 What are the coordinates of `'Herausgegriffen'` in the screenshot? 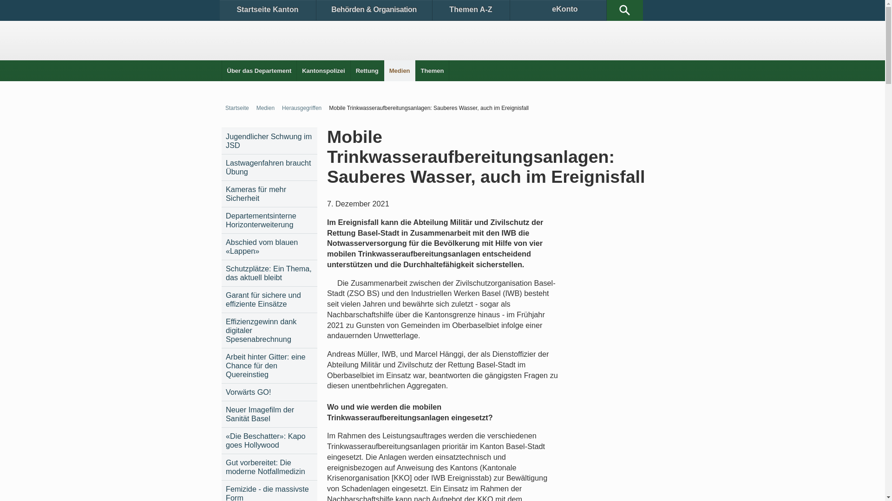 It's located at (488, 28).